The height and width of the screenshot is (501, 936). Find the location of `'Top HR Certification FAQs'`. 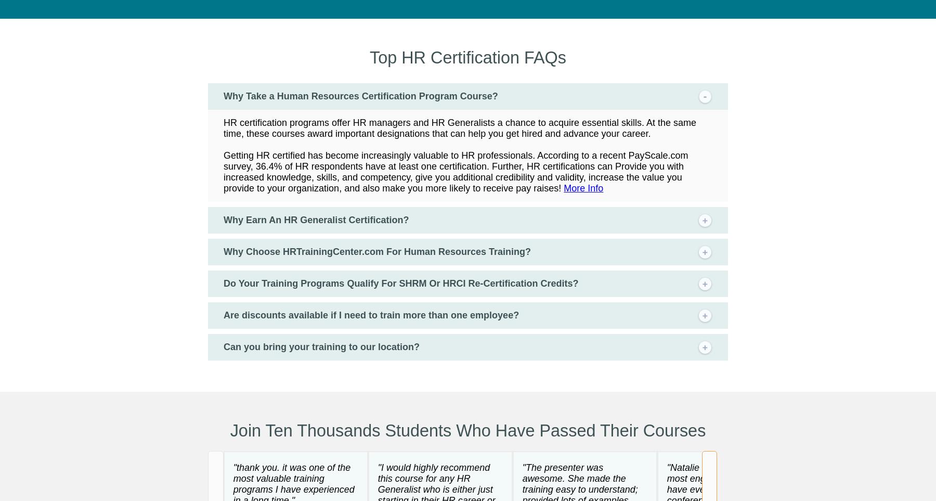

'Top HR Certification FAQs' is located at coordinates (467, 56).